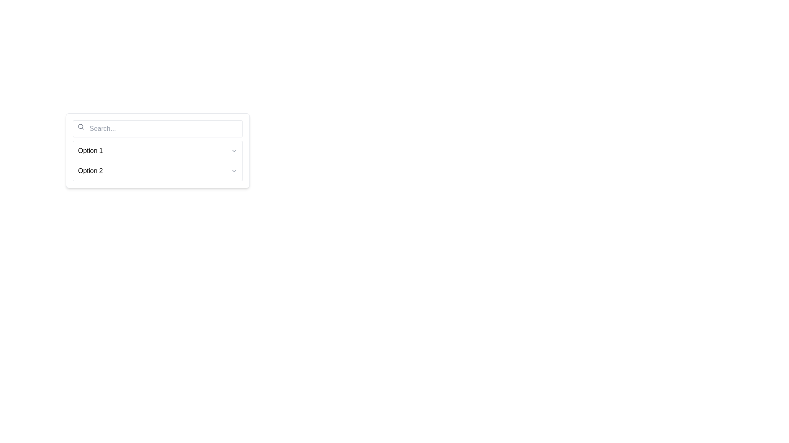  Describe the element at coordinates (81, 126) in the screenshot. I see `the circular shape representing the lens part of the magnifying glass icon located in the top left corner of the input box labeled 'Search...'` at that location.